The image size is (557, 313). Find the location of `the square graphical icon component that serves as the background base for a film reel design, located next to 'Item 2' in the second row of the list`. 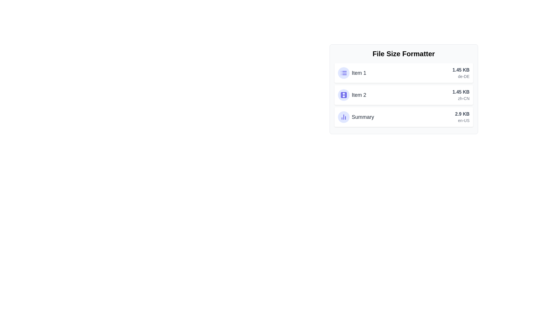

the square graphical icon component that serves as the background base for a film reel design, located next to 'Item 2' in the second row of the list is located at coordinates (343, 94).